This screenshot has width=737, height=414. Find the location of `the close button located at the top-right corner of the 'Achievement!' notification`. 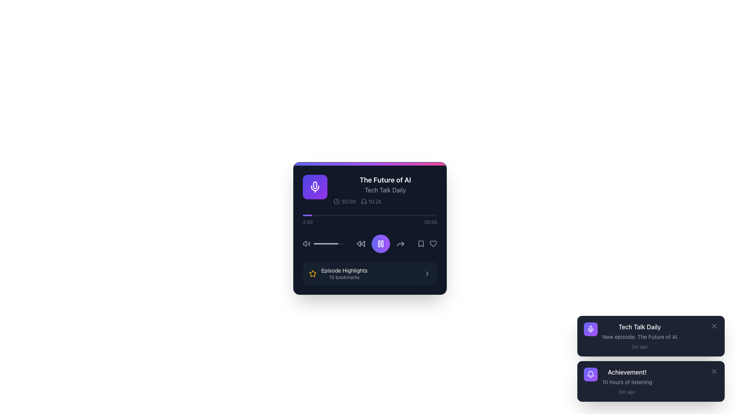

the close button located at the top-right corner of the 'Achievement!' notification is located at coordinates (714, 371).